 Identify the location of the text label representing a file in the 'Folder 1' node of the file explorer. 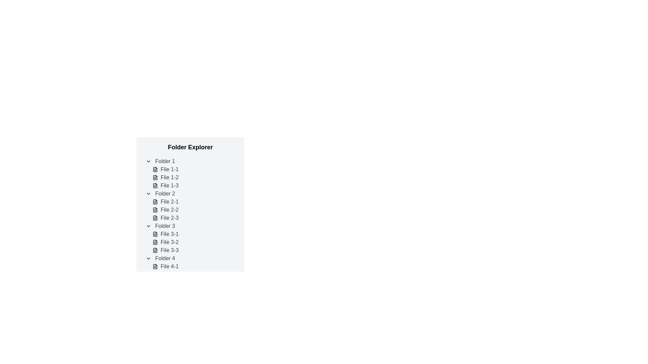
(169, 169).